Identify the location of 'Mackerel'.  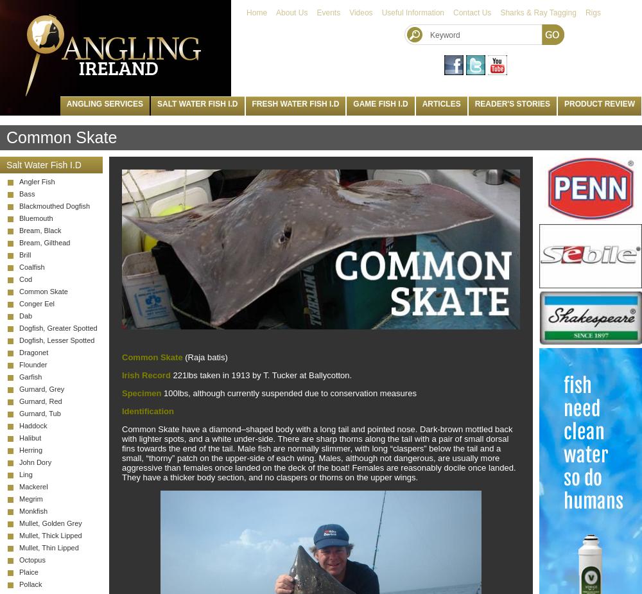
(33, 487).